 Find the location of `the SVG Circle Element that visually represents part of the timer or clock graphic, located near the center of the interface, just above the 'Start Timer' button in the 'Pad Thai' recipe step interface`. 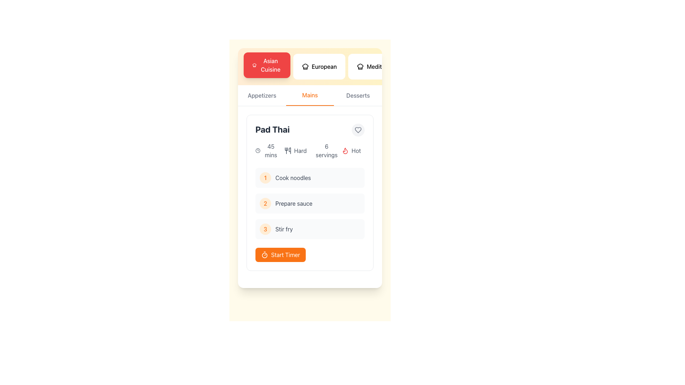

the SVG Circle Element that visually represents part of the timer or clock graphic, located near the center of the interface, just above the 'Start Timer' button in the 'Pad Thai' recipe step interface is located at coordinates (264, 255).